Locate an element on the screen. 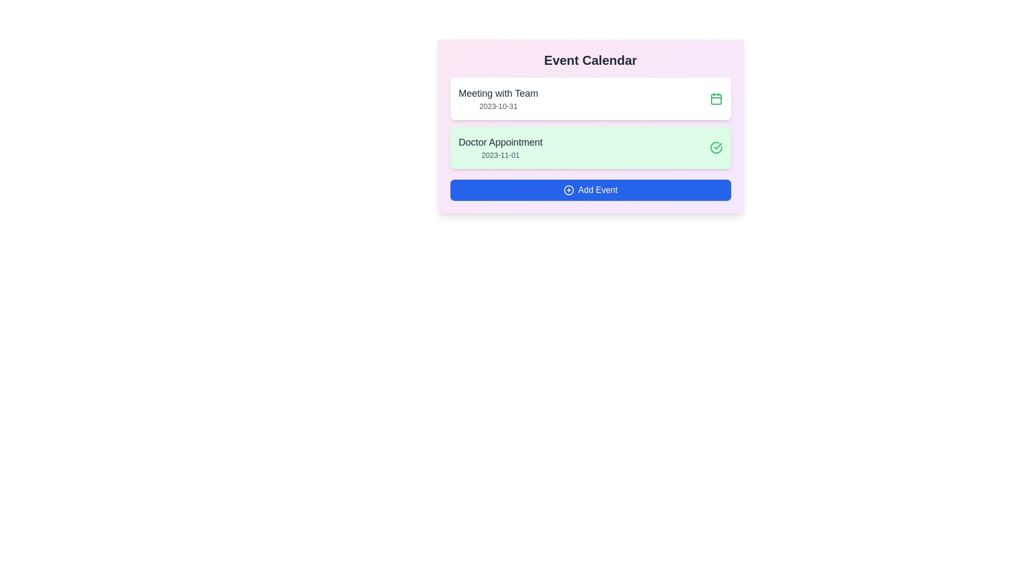 Image resolution: width=1021 pixels, height=574 pixels. the 'Add Event' button to add a new event is located at coordinates (590, 190).